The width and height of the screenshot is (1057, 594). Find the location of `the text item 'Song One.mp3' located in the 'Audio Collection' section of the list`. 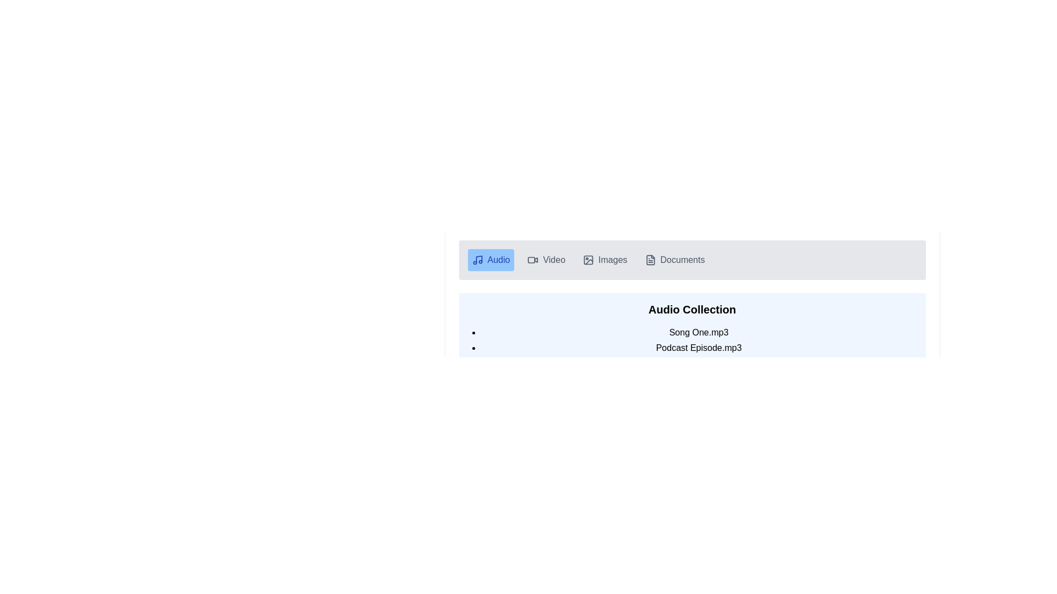

the text item 'Song One.mp3' located in the 'Audio Collection' section of the list is located at coordinates (691, 335).